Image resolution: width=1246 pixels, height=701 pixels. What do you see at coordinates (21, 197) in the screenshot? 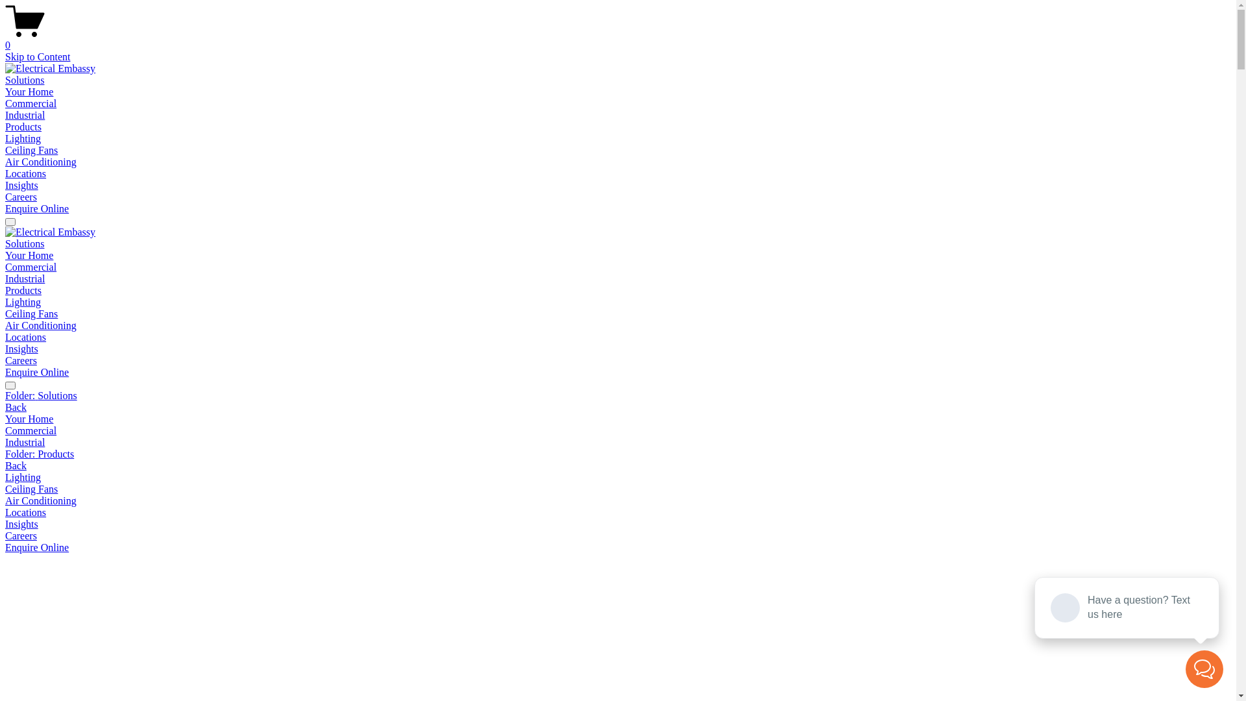
I see `'Careers'` at bounding box center [21, 197].